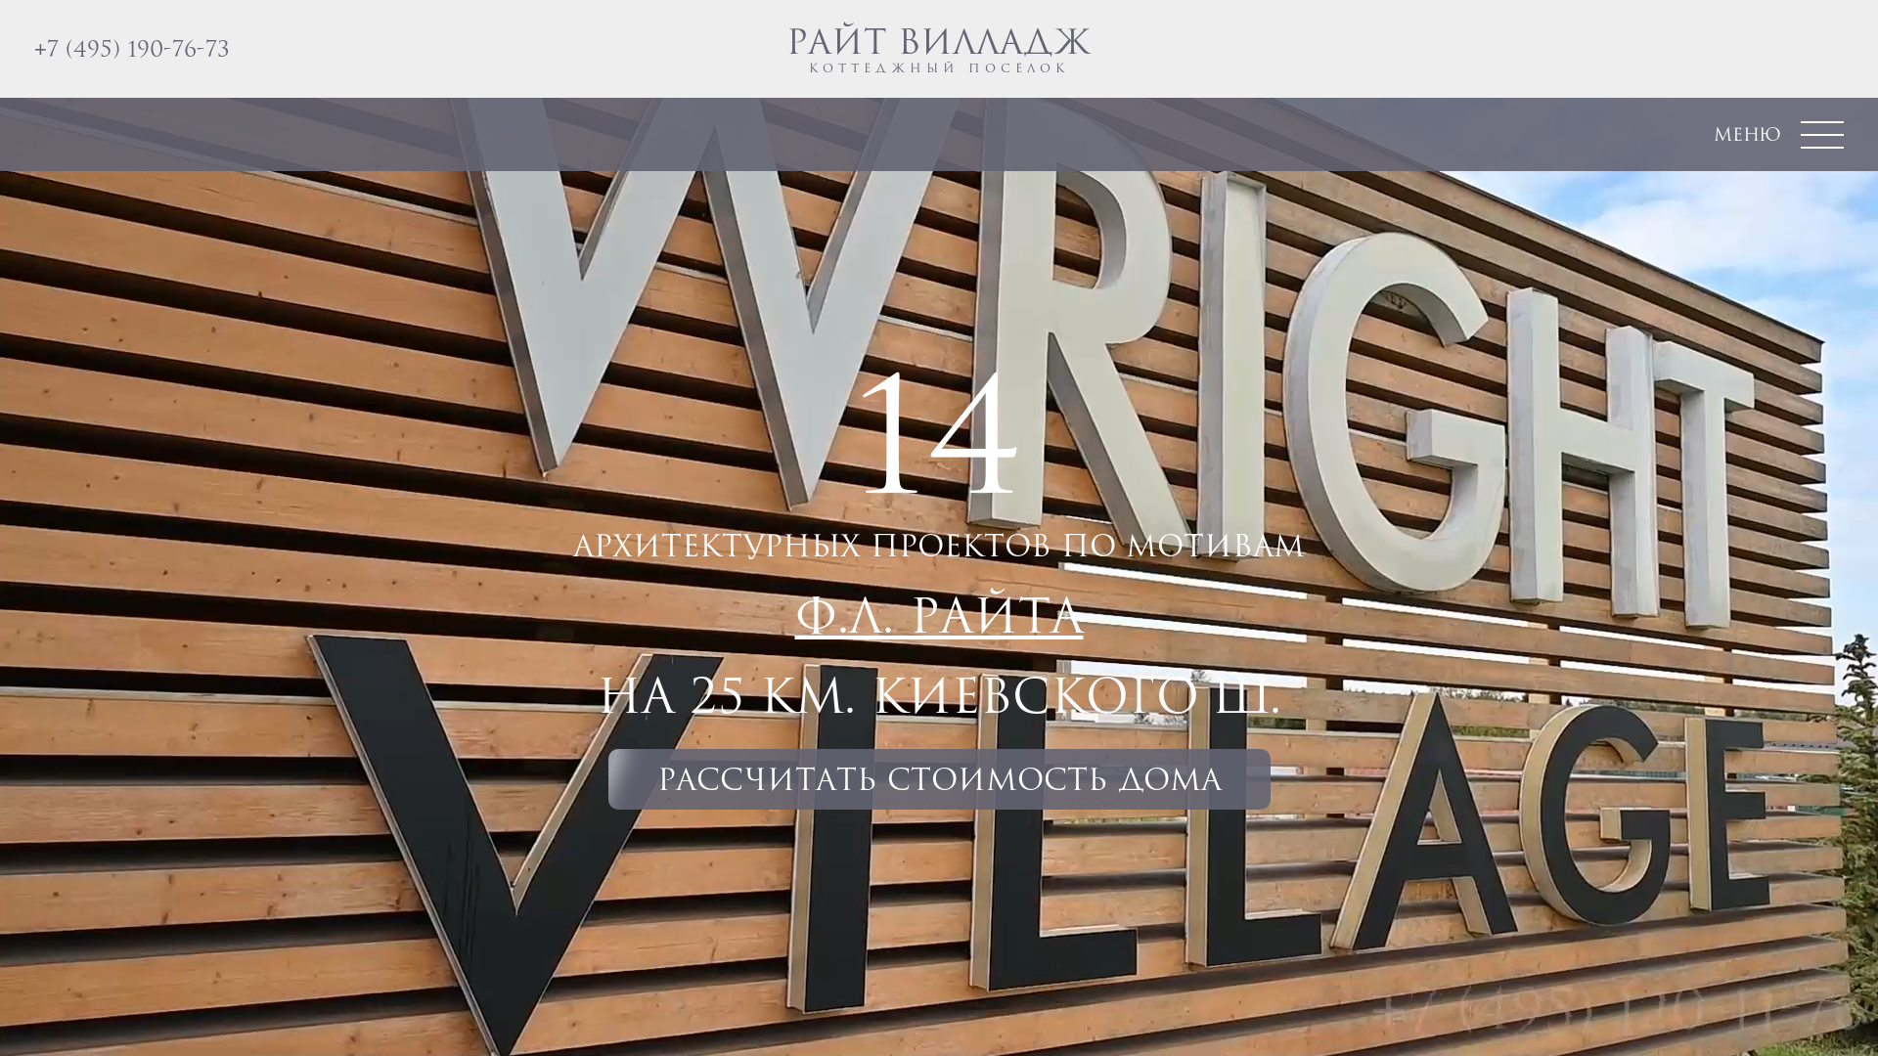  Describe the element at coordinates (130, 47) in the screenshot. I see `'+7 (495) 190-76-73'` at that location.